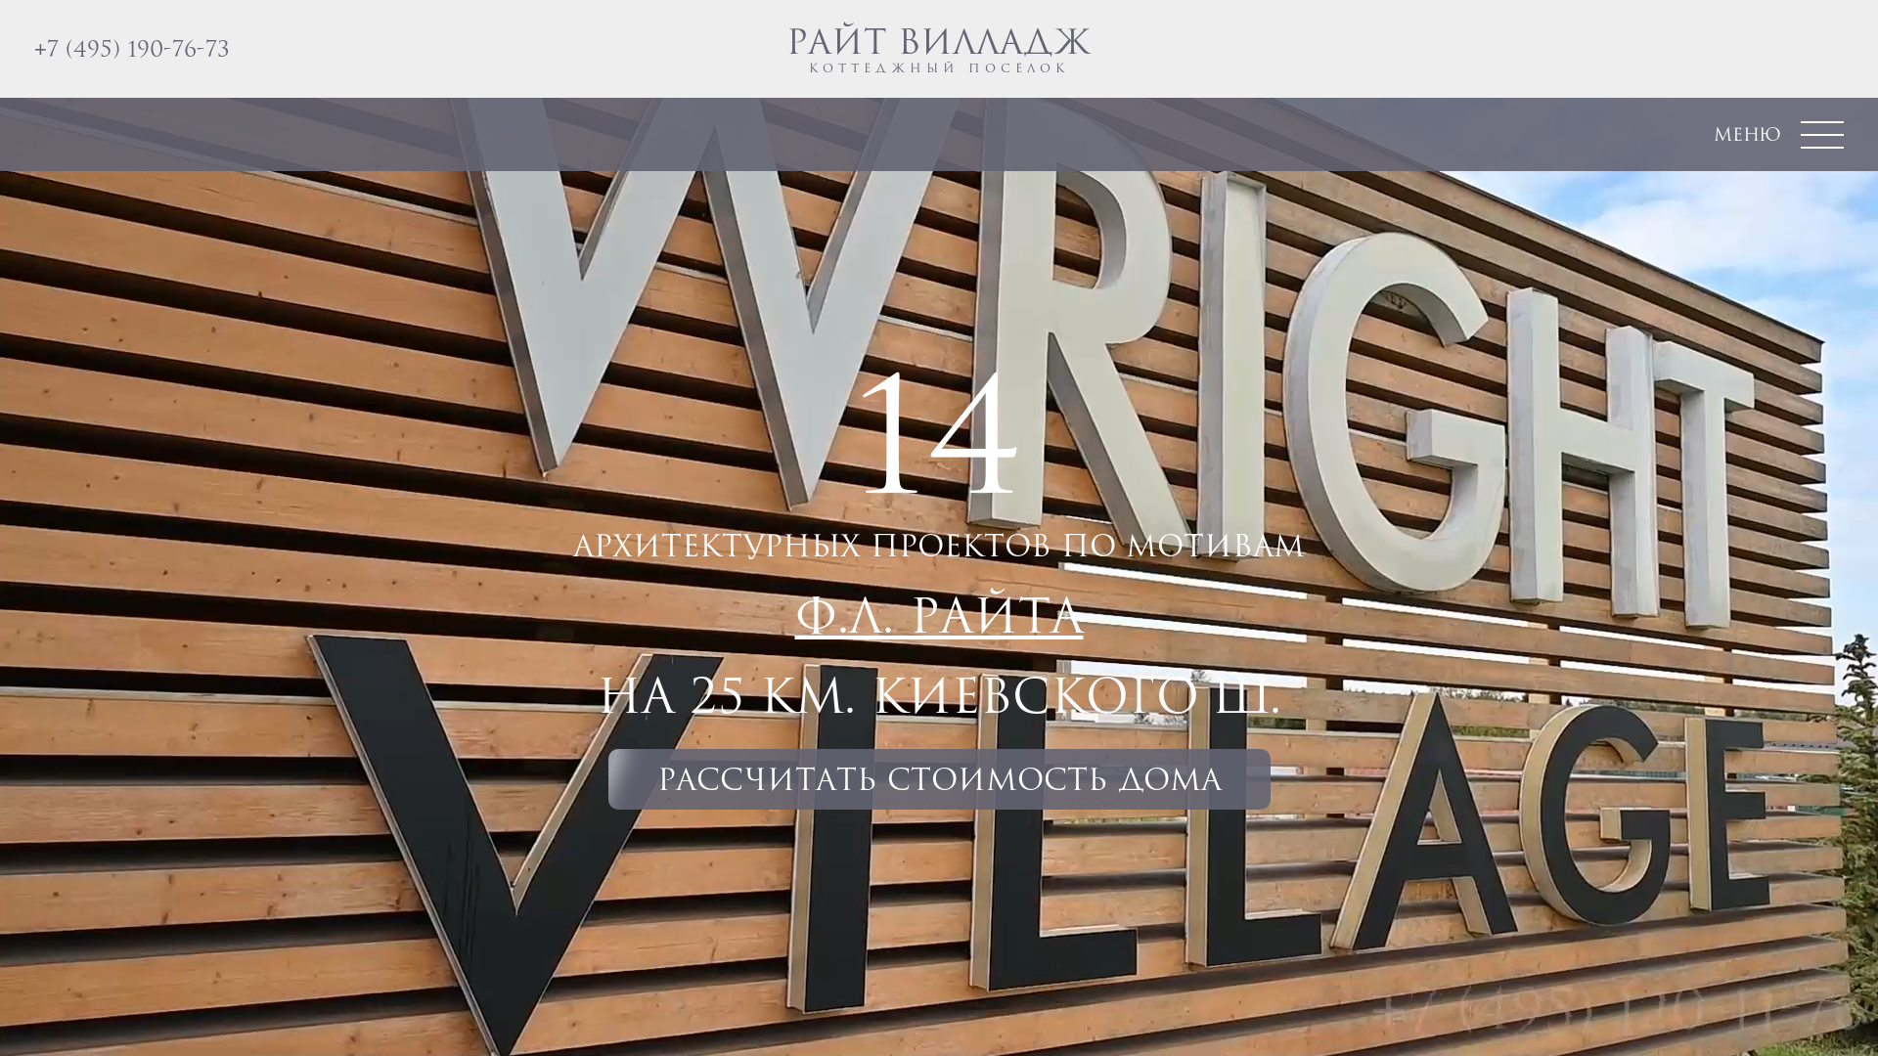  Describe the element at coordinates (130, 47) in the screenshot. I see `'+7 (495) 190-76-73'` at that location.